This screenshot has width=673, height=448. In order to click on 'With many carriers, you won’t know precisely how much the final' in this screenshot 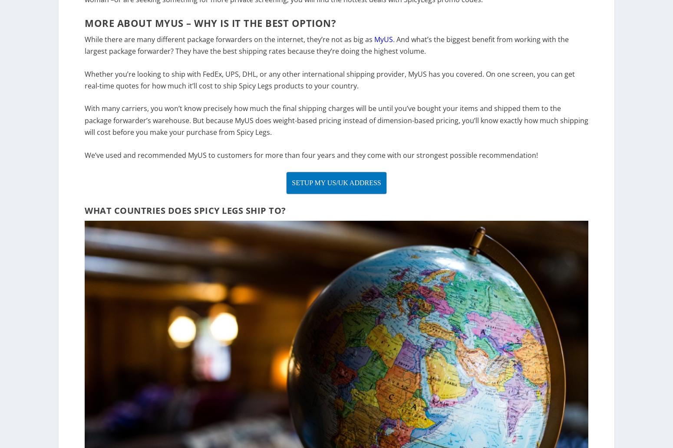, I will do `click(191, 114)`.